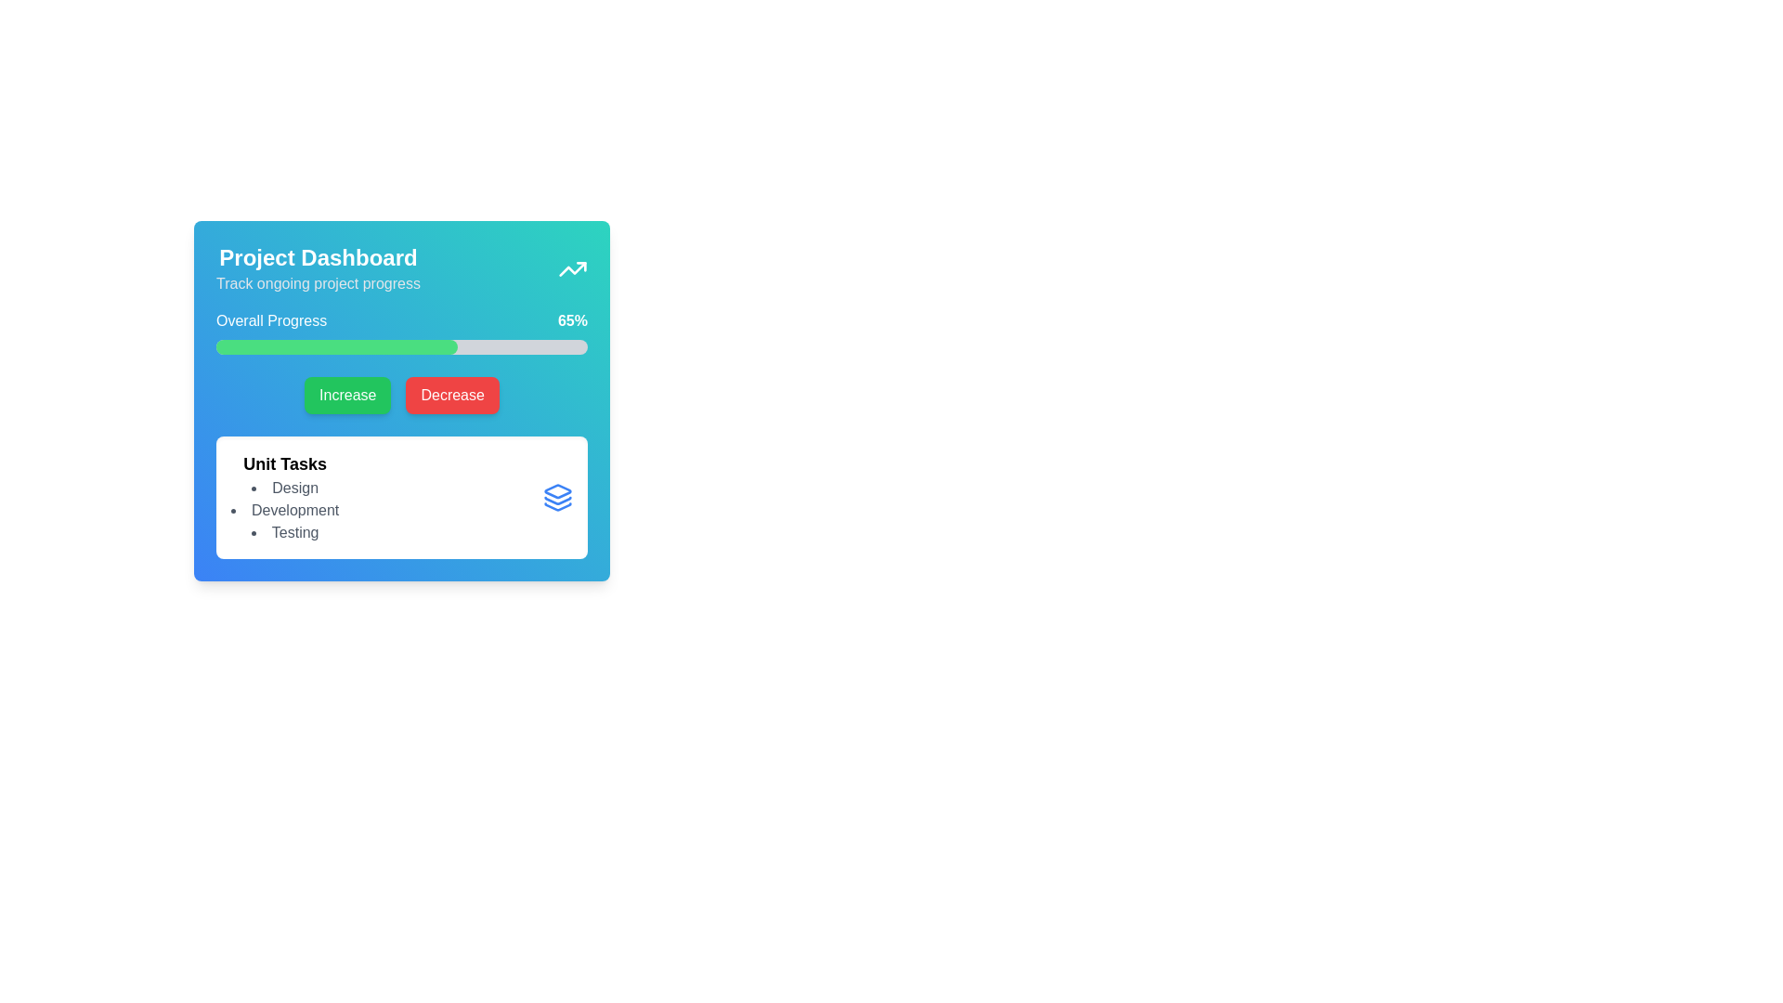 The image size is (1783, 1003). Describe the element at coordinates (318, 268) in the screenshot. I see `Informational Text Block titled 'Project Dashboard' with subtitle 'Track ongoing project progress', located in the upper-left corner of the dashboard's card layout` at that location.